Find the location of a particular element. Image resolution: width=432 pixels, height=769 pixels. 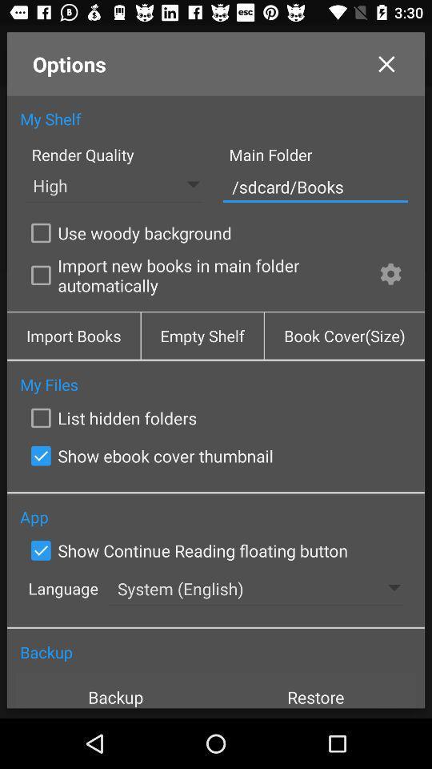

icon to the right of import new books item is located at coordinates (390, 276).